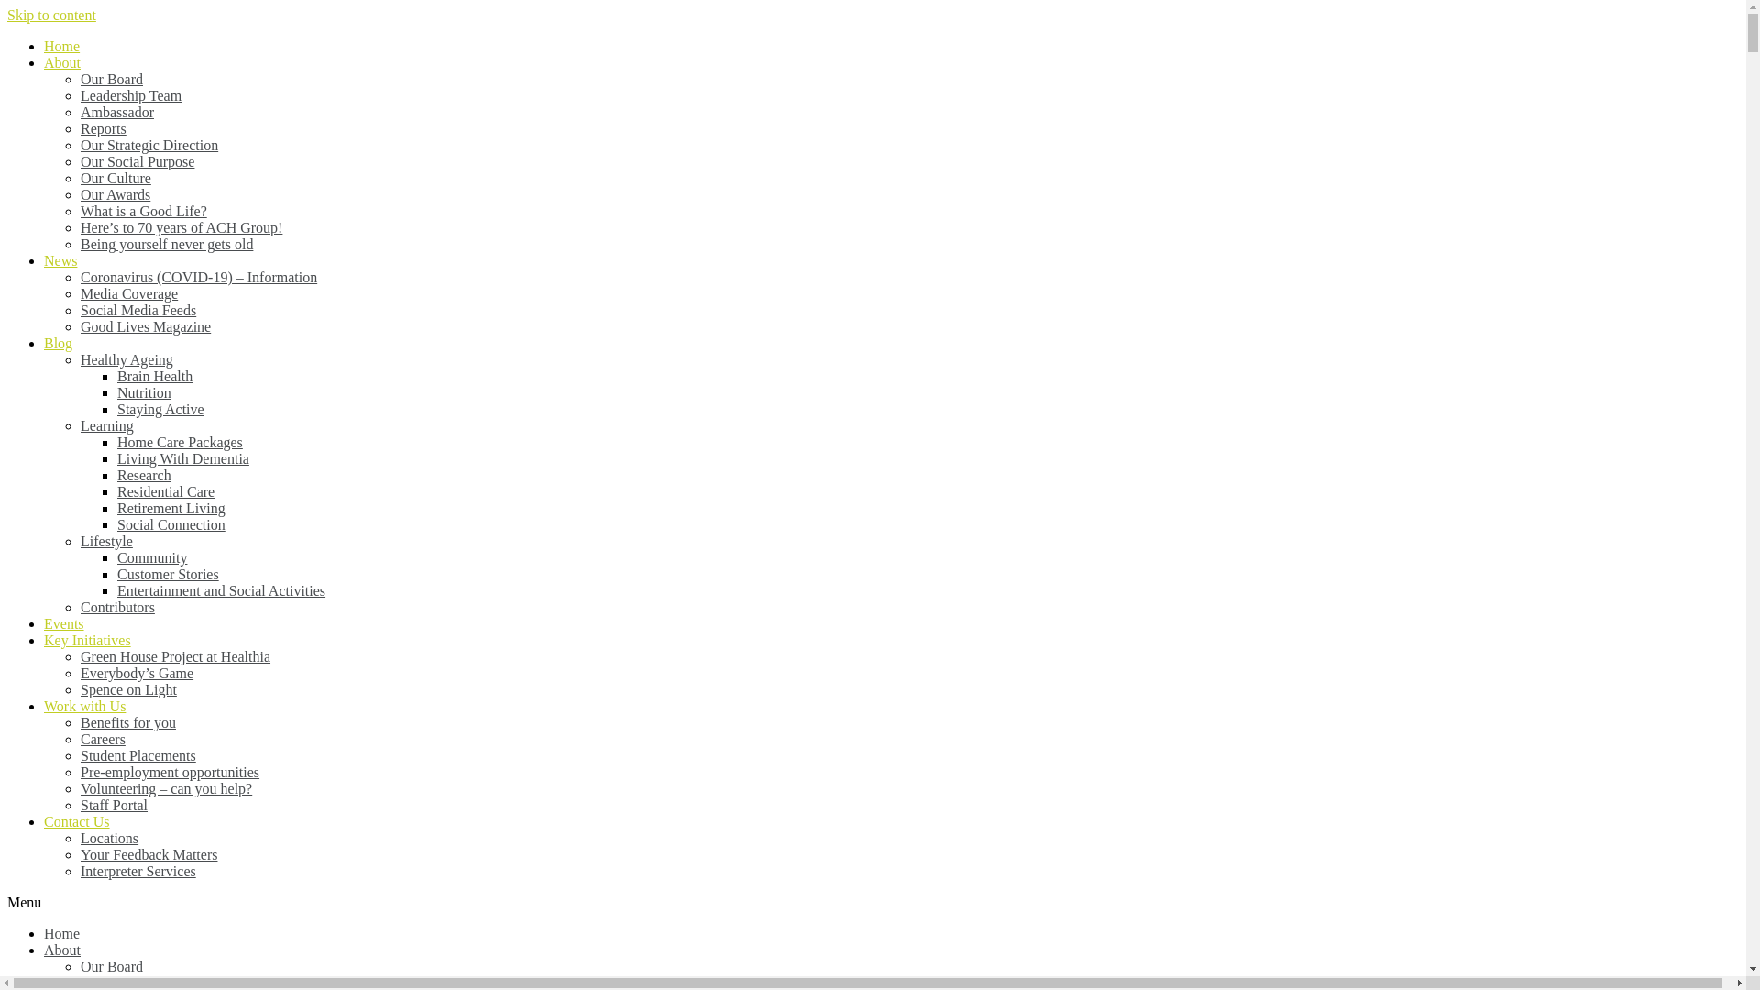 The image size is (1760, 990). Describe the element at coordinates (116, 457) in the screenshot. I see `'Living With Dementia'` at that location.